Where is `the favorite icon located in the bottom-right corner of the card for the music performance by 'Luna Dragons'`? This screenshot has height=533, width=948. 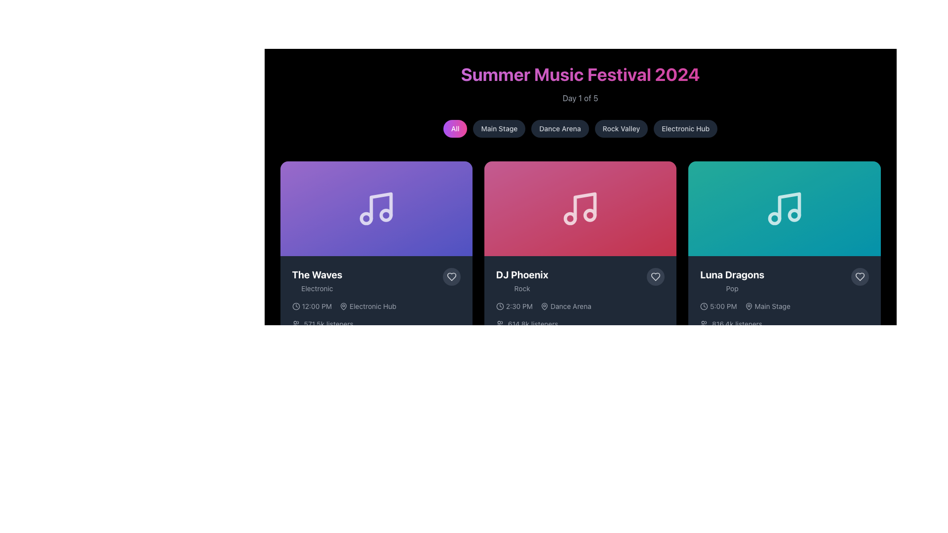 the favorite icon located in the bottom-right corner of the card for the music performance by 'Luna Dragons' is located at coordinates (859, 276).